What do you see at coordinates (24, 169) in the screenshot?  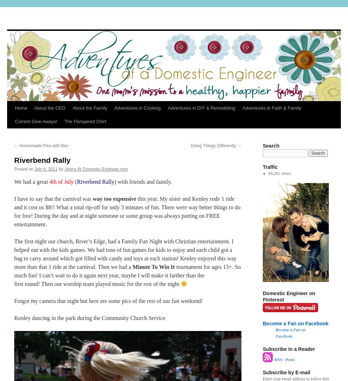 I see `'Posted on'` at bounding box center [24, 169].